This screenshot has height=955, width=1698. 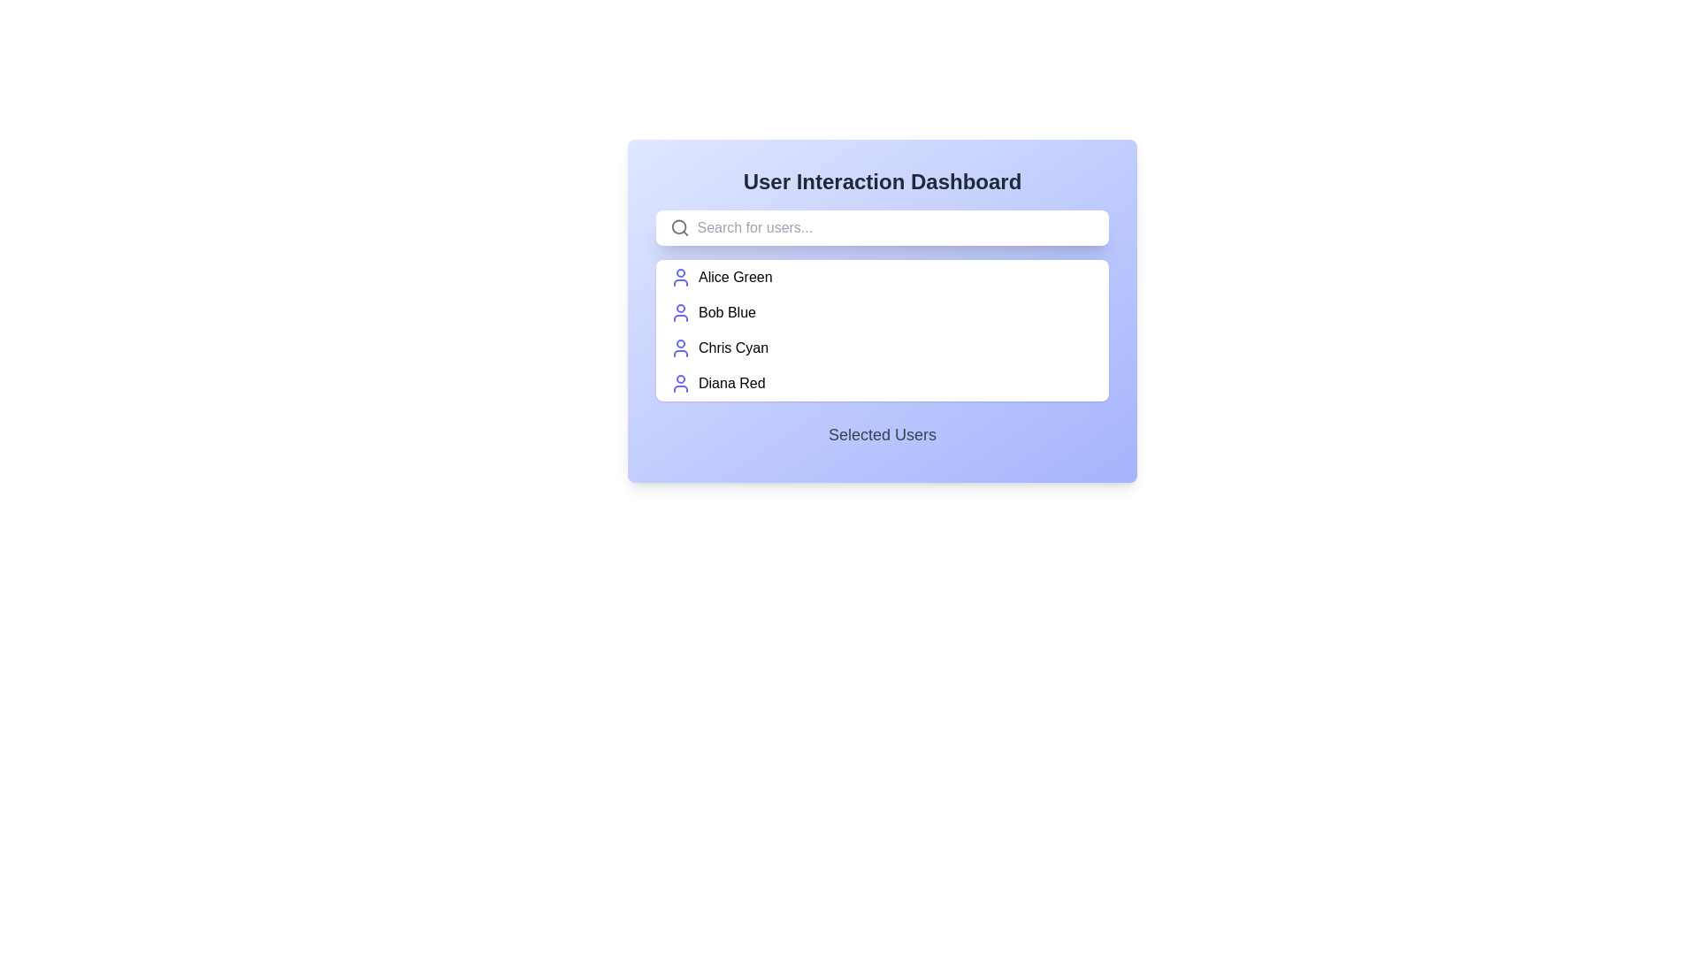 I want to click on the user icon representing 'Diana Red', so click(x=679, y=383).